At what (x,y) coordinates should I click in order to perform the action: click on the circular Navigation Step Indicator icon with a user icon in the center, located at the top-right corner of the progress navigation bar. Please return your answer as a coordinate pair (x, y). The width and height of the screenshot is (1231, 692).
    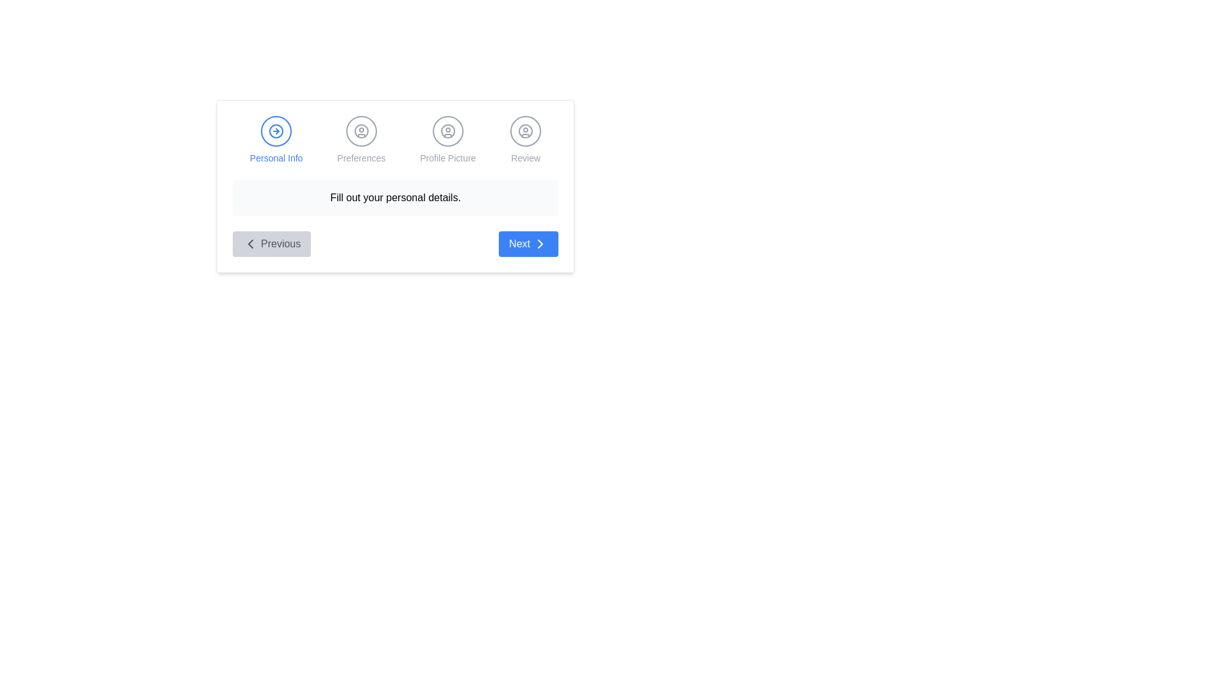
    Looking at the image, I should click on (526, 131).